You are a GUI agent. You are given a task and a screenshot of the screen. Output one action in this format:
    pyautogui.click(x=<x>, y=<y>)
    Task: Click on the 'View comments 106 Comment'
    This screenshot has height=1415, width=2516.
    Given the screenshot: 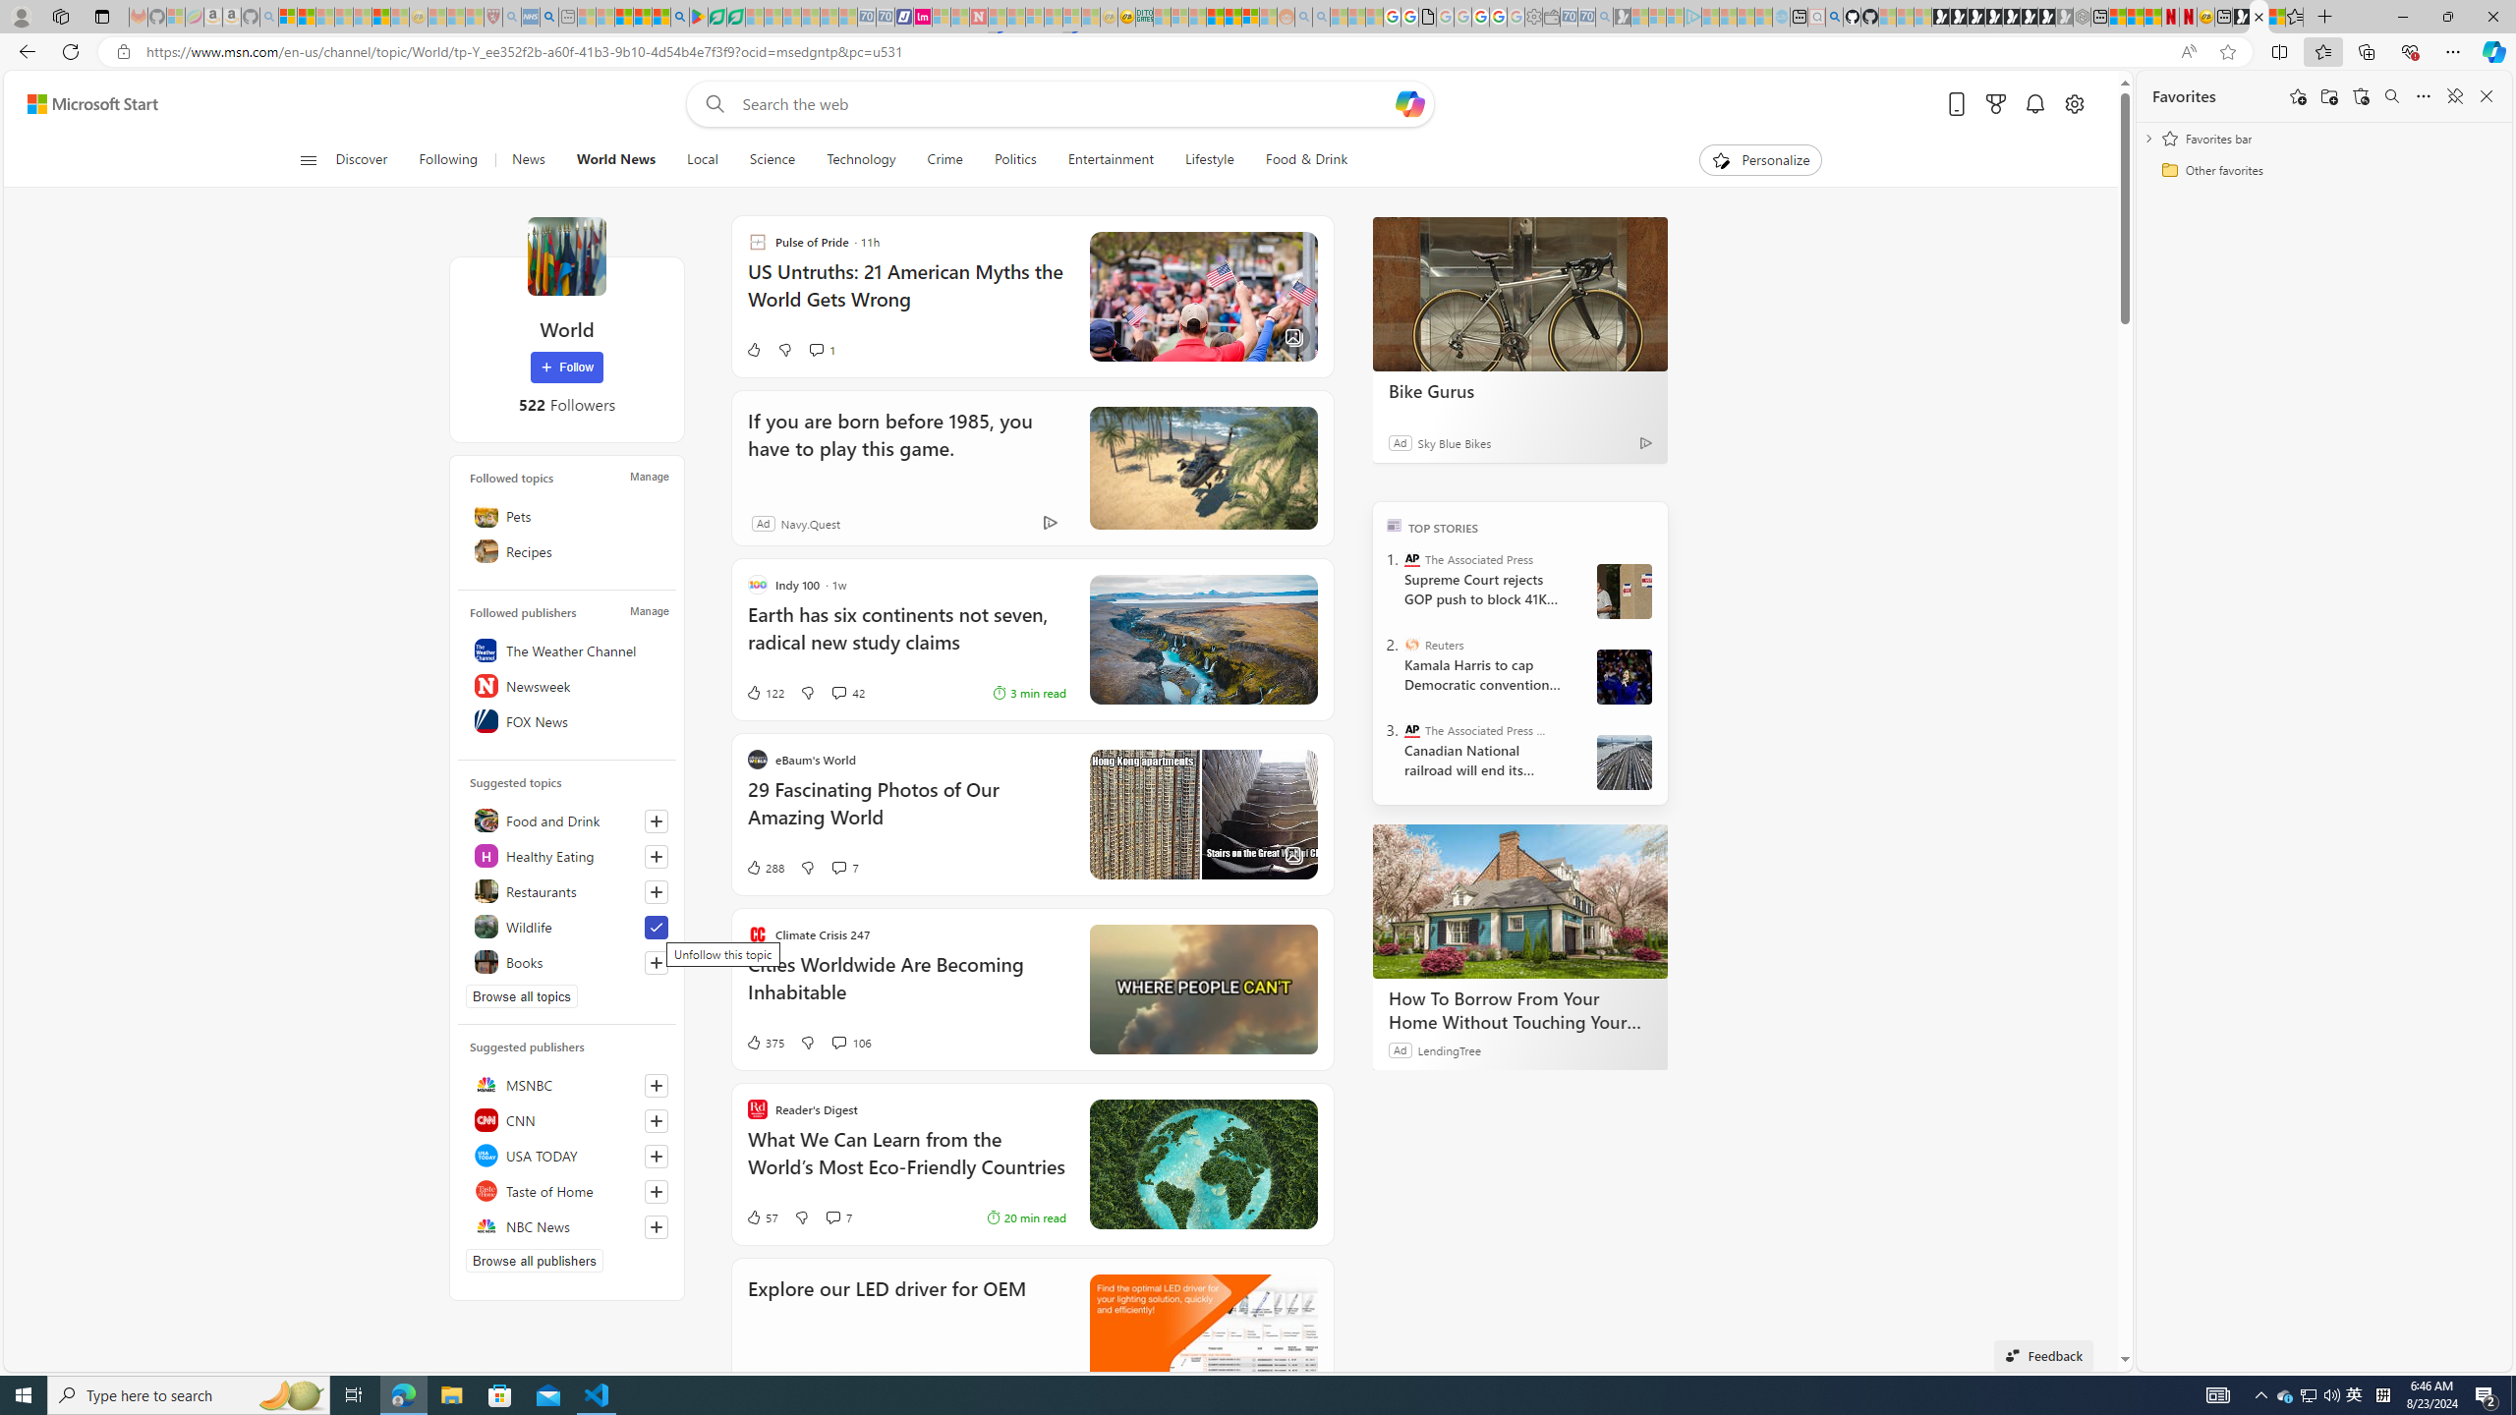 What is the action you would take?
    pyautogui.click(x=850, y=1042)
    